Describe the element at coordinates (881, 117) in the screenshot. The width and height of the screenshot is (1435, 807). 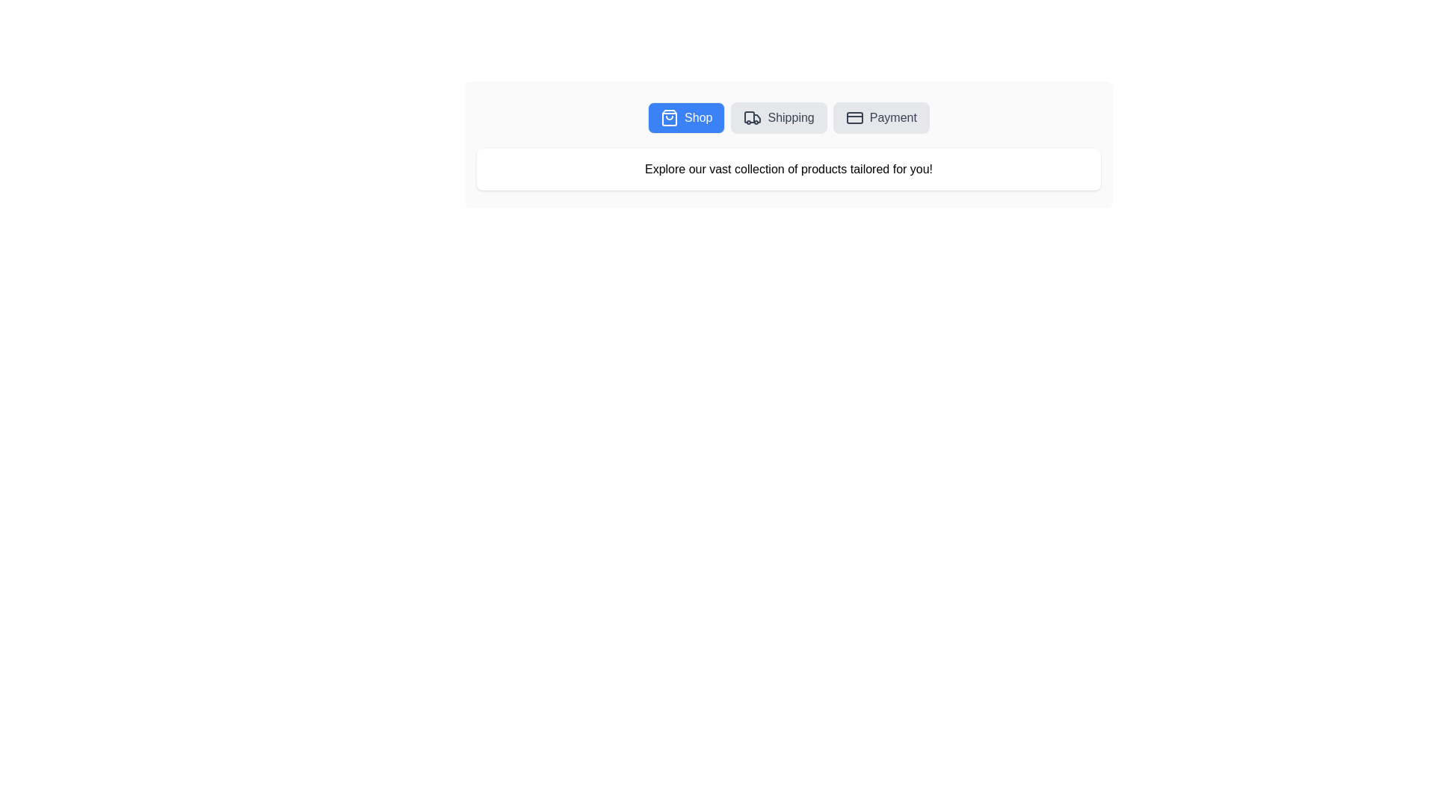
I see `the 'Payment' button, which has a credit card icon and is the third button in a row of three` at that location.